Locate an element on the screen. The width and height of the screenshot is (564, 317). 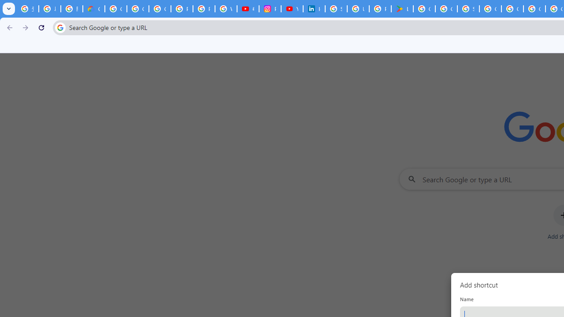
'YouTube Culture & Trends - On The Rise: Handcam Videos' is located at coordinates (292, 9).